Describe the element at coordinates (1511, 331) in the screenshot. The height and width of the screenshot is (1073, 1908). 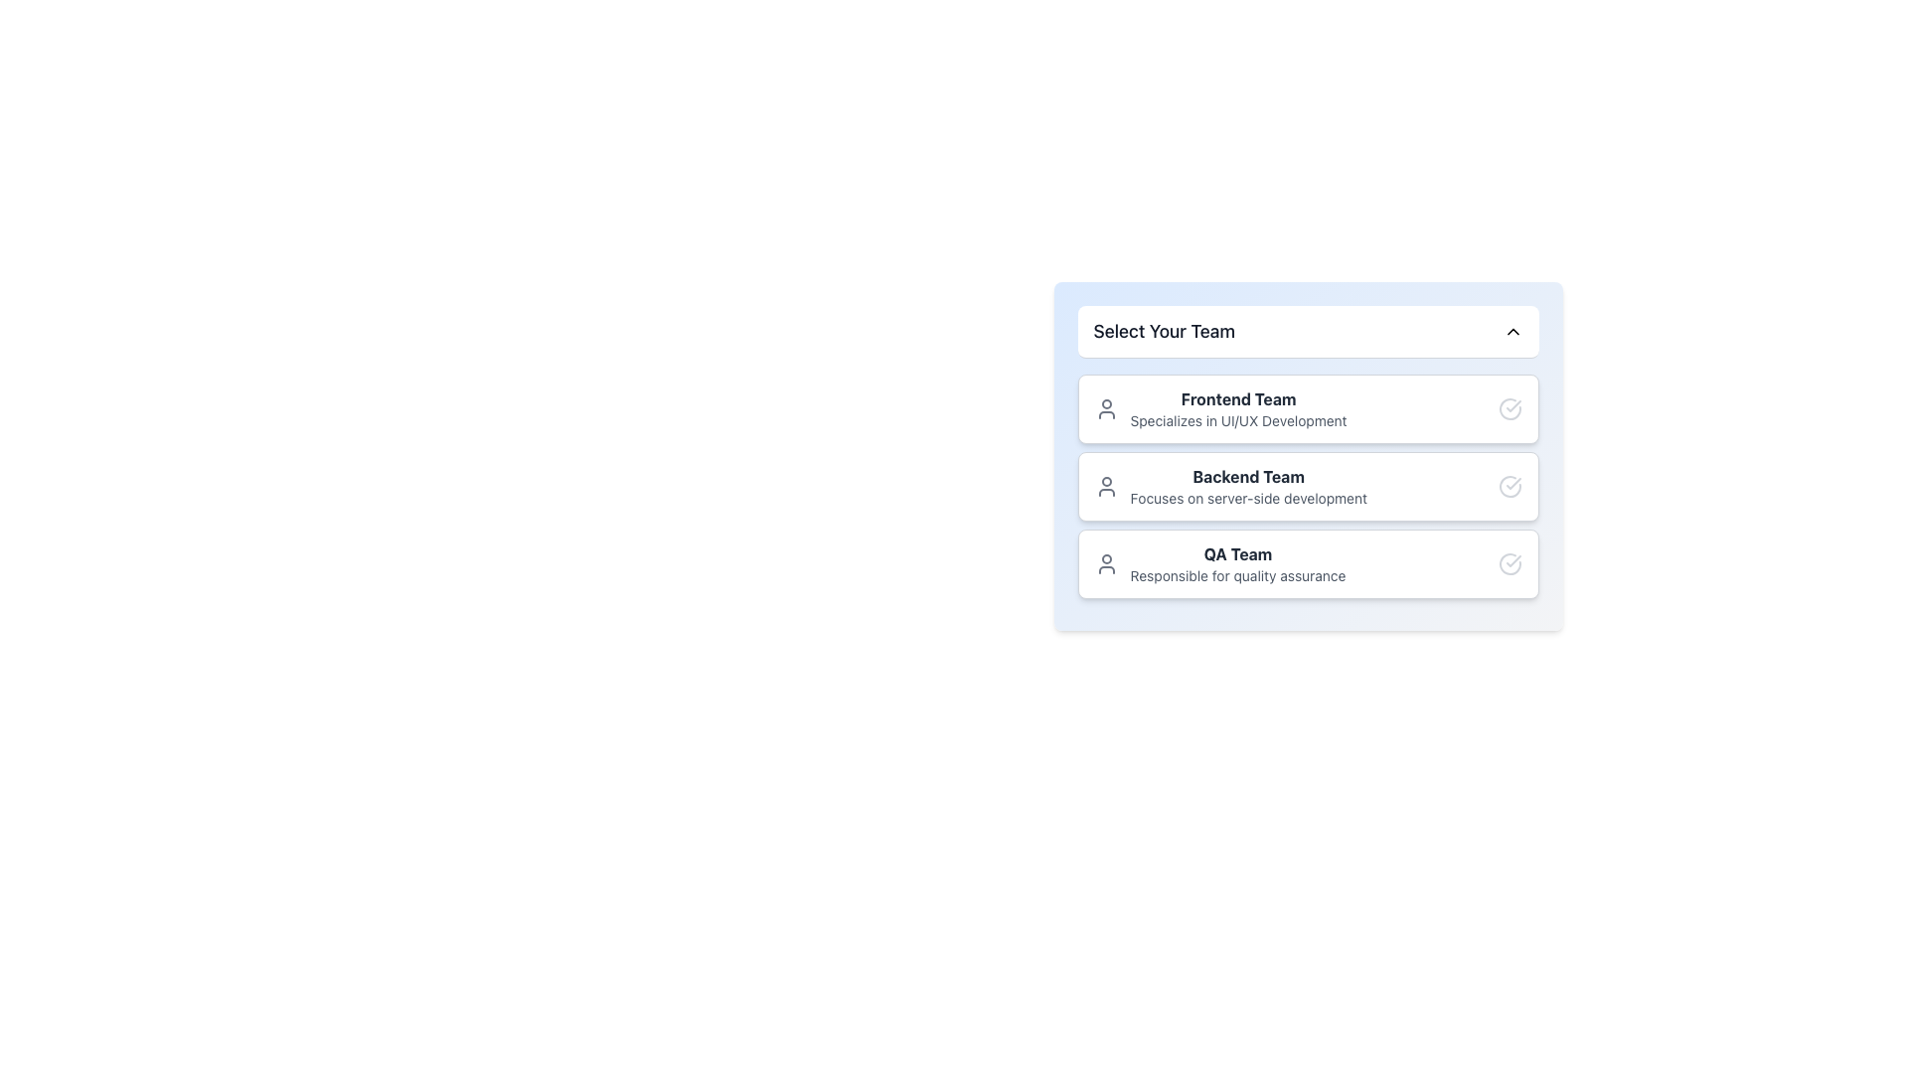
I see `the Chevron Up icon located to the far right of the 'Select Your Team' label` at that location.